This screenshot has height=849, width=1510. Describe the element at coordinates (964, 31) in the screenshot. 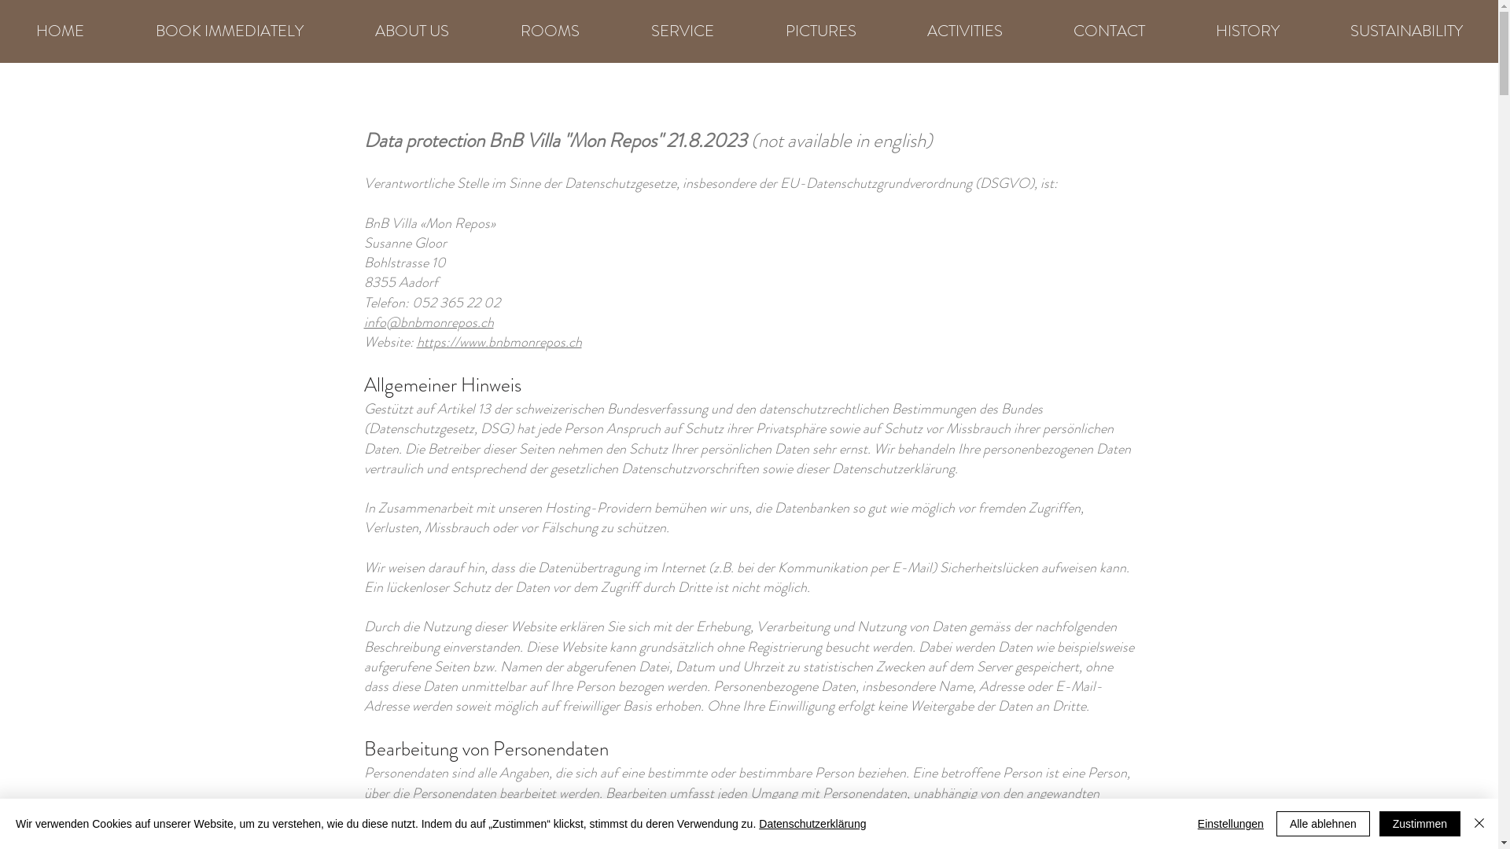

I see `'ACTIVITIES'` at that location.